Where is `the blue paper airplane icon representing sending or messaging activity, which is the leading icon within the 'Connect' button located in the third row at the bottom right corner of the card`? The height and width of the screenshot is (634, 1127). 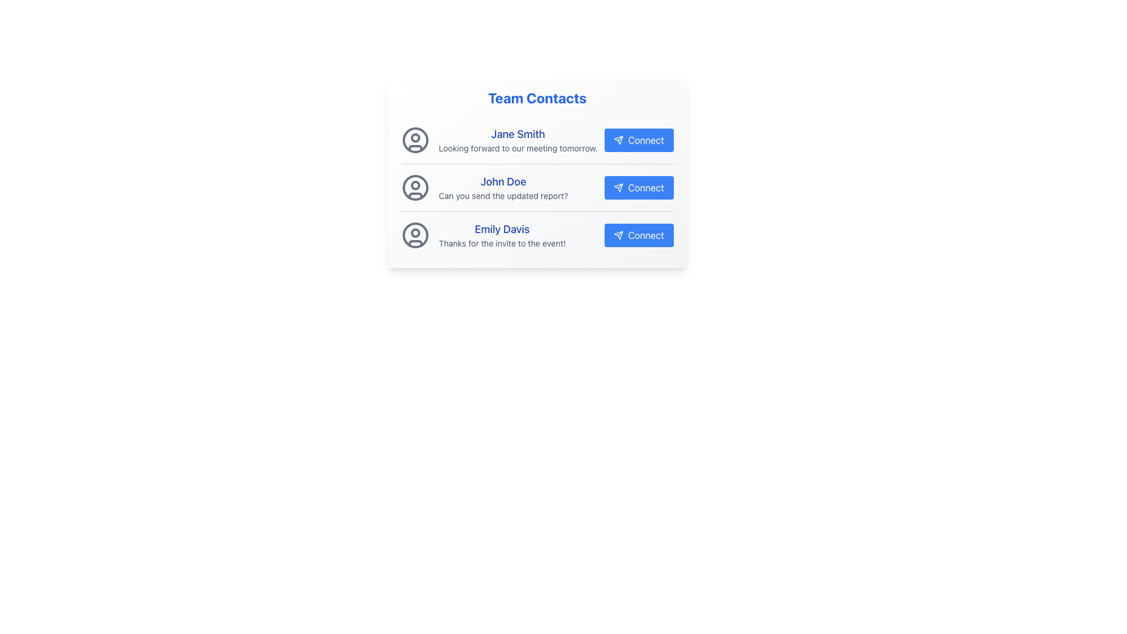 the blue paper airplane icon representing sending or messaging activity, which is the leading icon within the 'Connect' button located in the third row at the bottom right corner of the card is located at coordinates (618, 235).